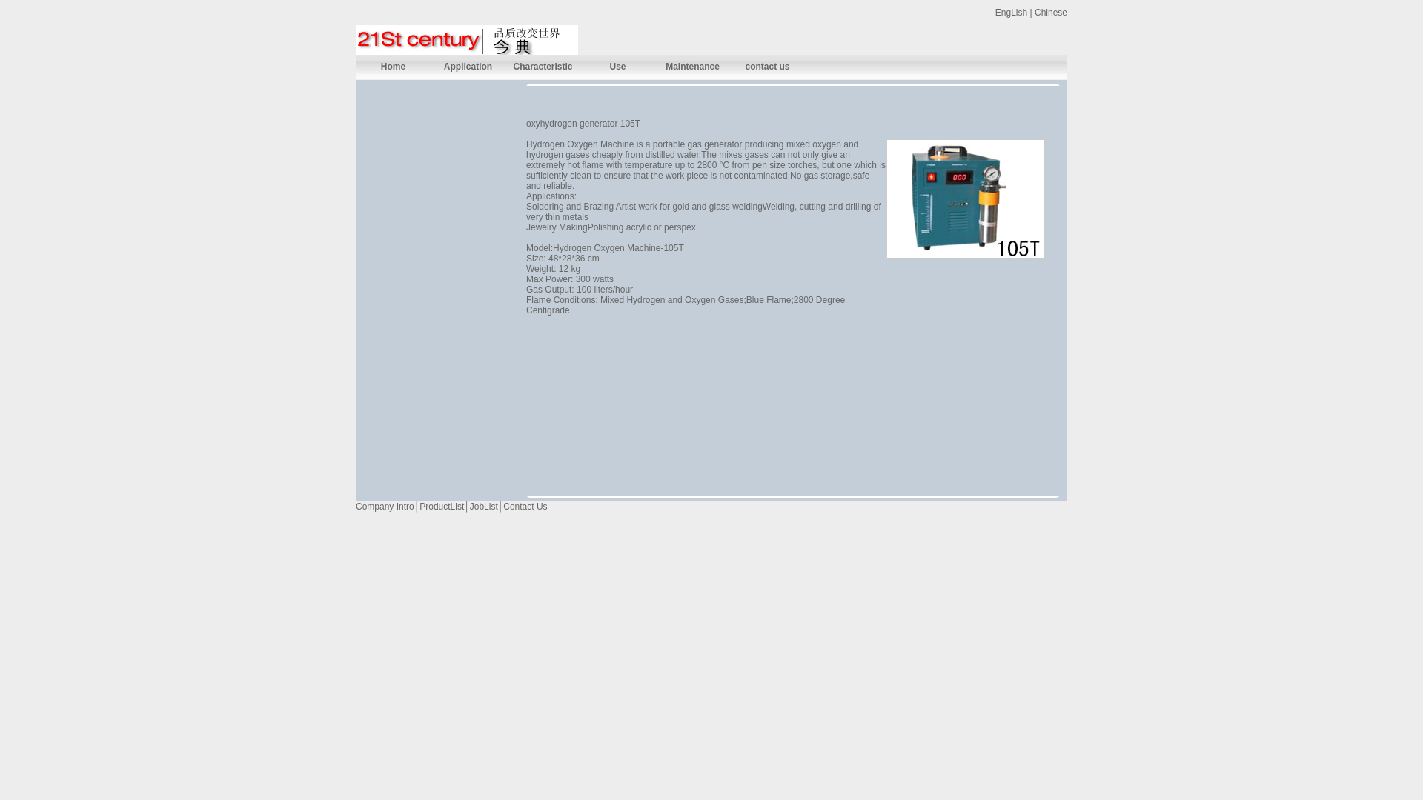 The height and width of the screenshot is (800, 1423). What do you see at coordinates (1049, 12) in the screenshot?
I see `'Chinese'` at bounding box center [1049, 12].